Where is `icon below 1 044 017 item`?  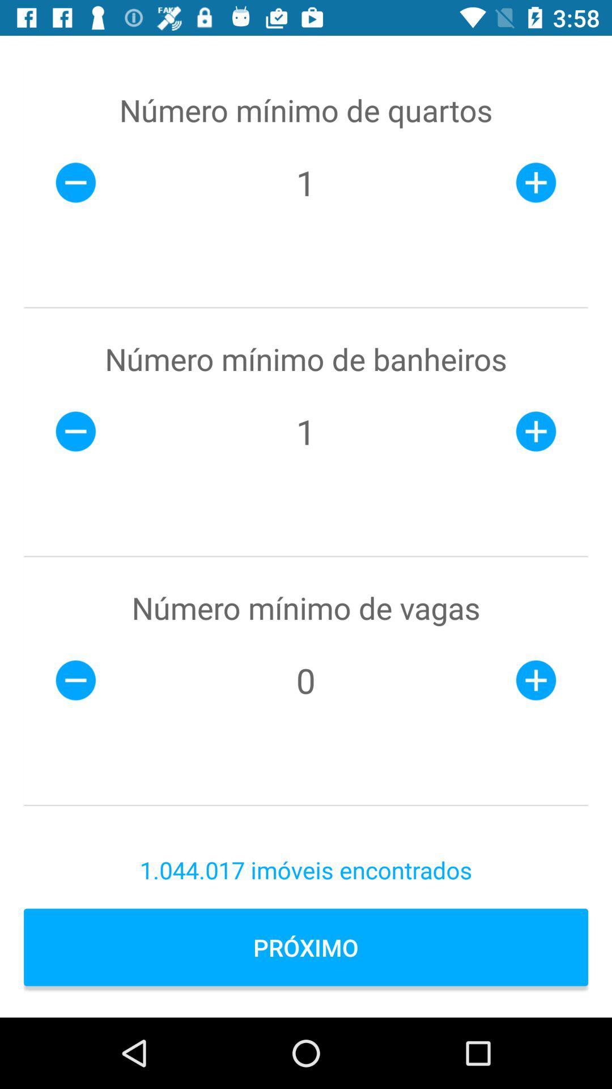
icon below 1 044 017 item is located at coordinates (306, 947).